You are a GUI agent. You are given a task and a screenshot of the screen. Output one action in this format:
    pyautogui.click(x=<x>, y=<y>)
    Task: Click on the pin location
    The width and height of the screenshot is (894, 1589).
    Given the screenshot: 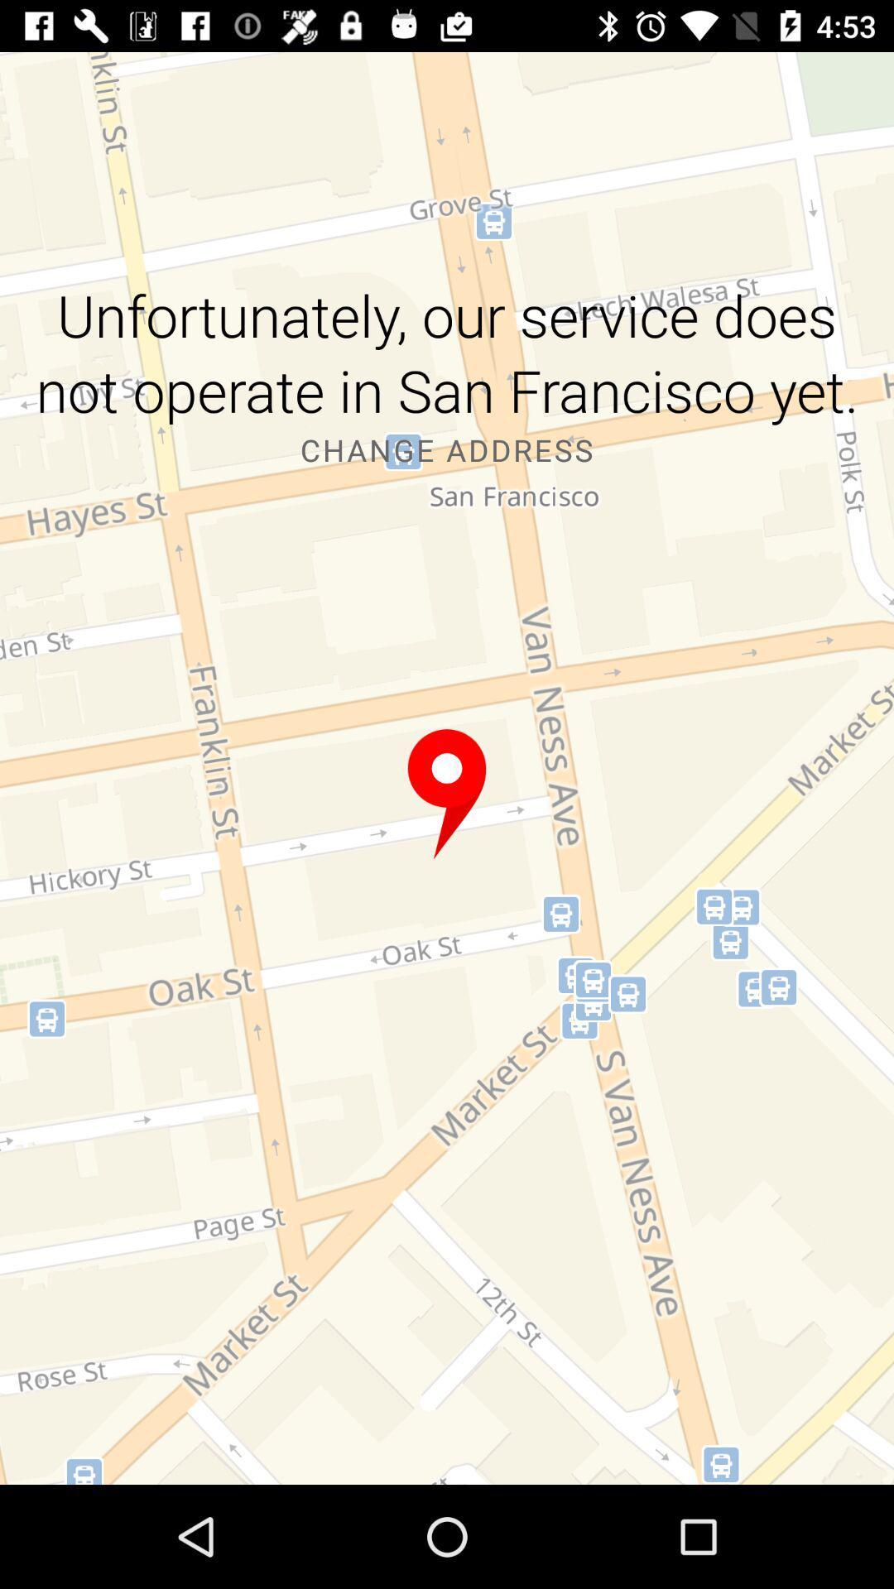 What is the action you would take?
    pyautogui.click(x=447, y=794)
    